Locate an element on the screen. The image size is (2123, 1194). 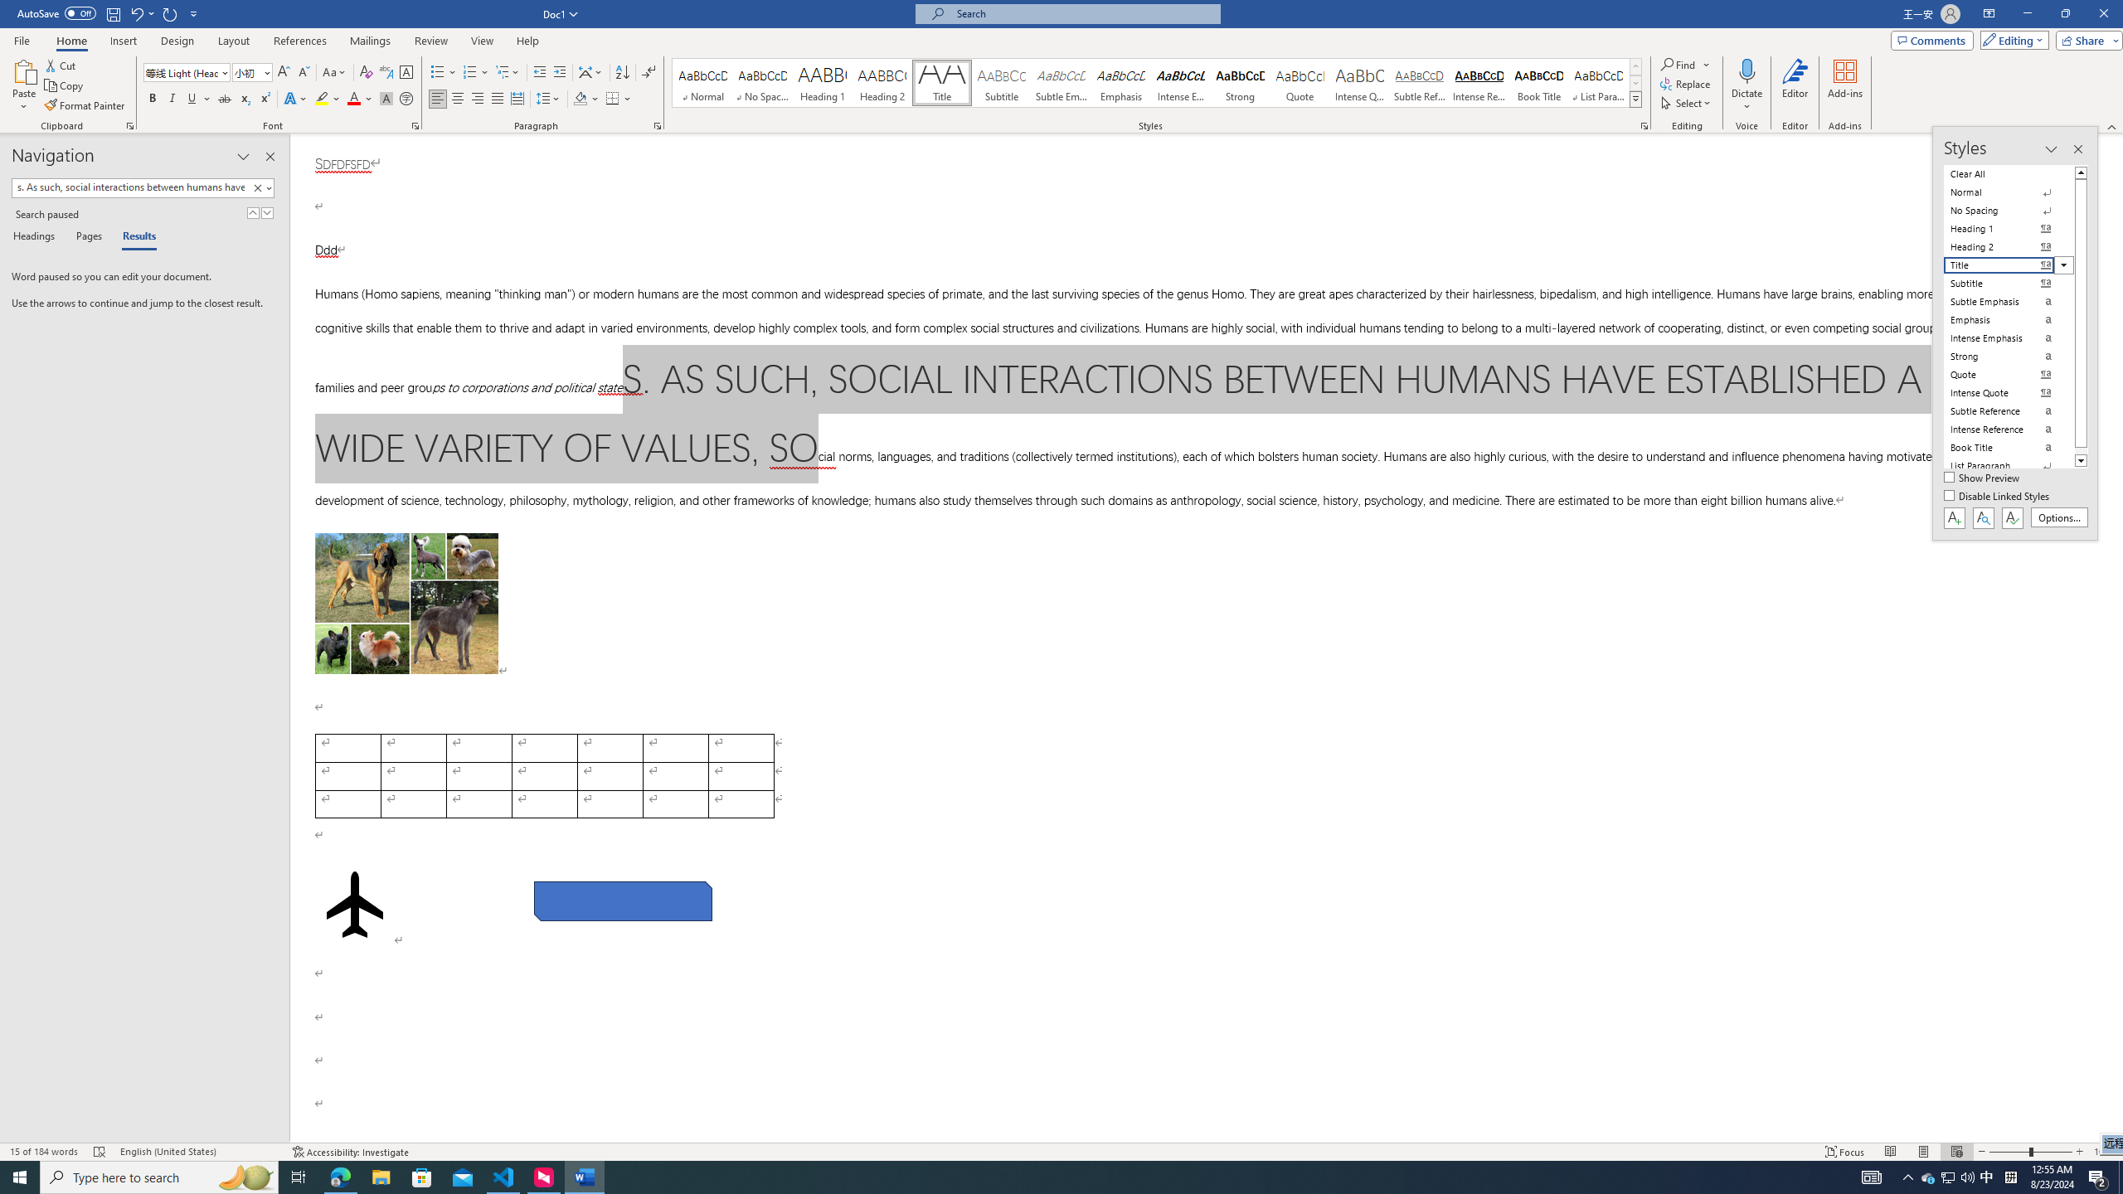
'Rectangle: Diagonal Corners Snipped 2' is located at coordinates (623, 901).